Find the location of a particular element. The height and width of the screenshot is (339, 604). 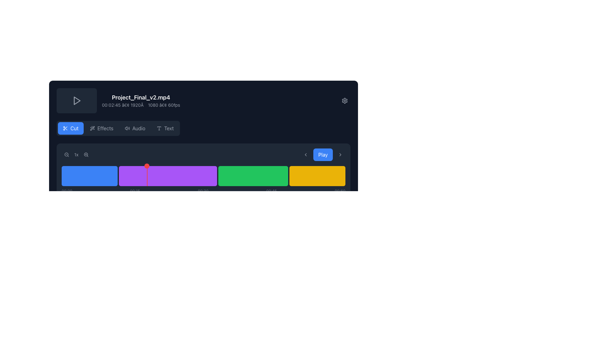

the static text label displaying '00:60', which is the last timestamp in a sequence of timestamps aligned with a timeline component is located at coordinates (339, 191).